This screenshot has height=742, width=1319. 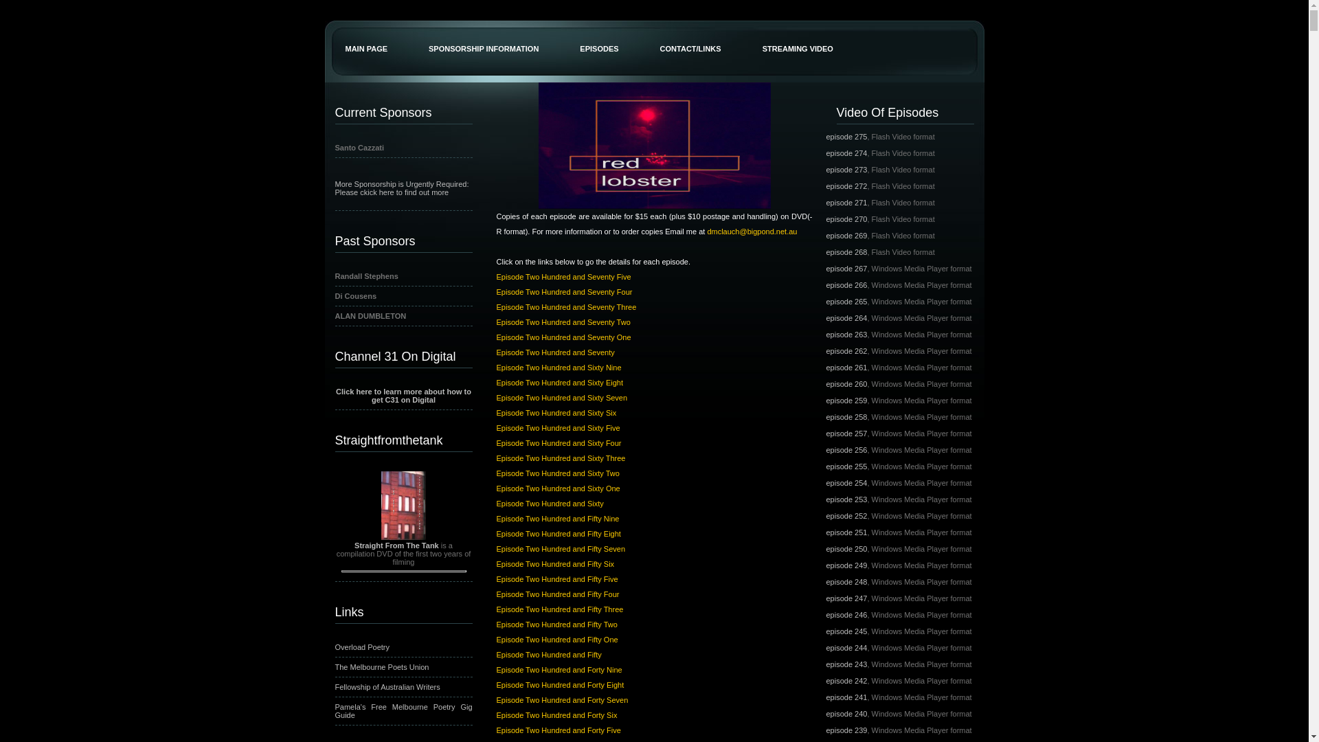 I want to click on 'CONTACT/LINKS', so click(x=639, y=34).